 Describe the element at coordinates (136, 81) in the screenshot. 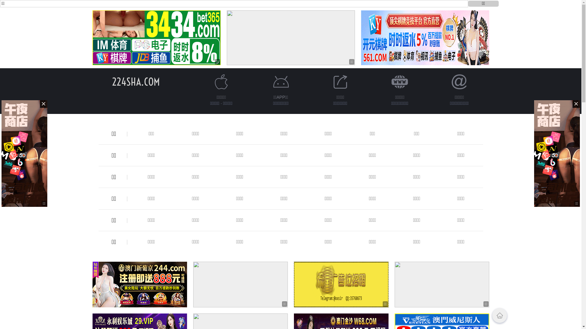

I see `'224SHA.COM'` at that location.